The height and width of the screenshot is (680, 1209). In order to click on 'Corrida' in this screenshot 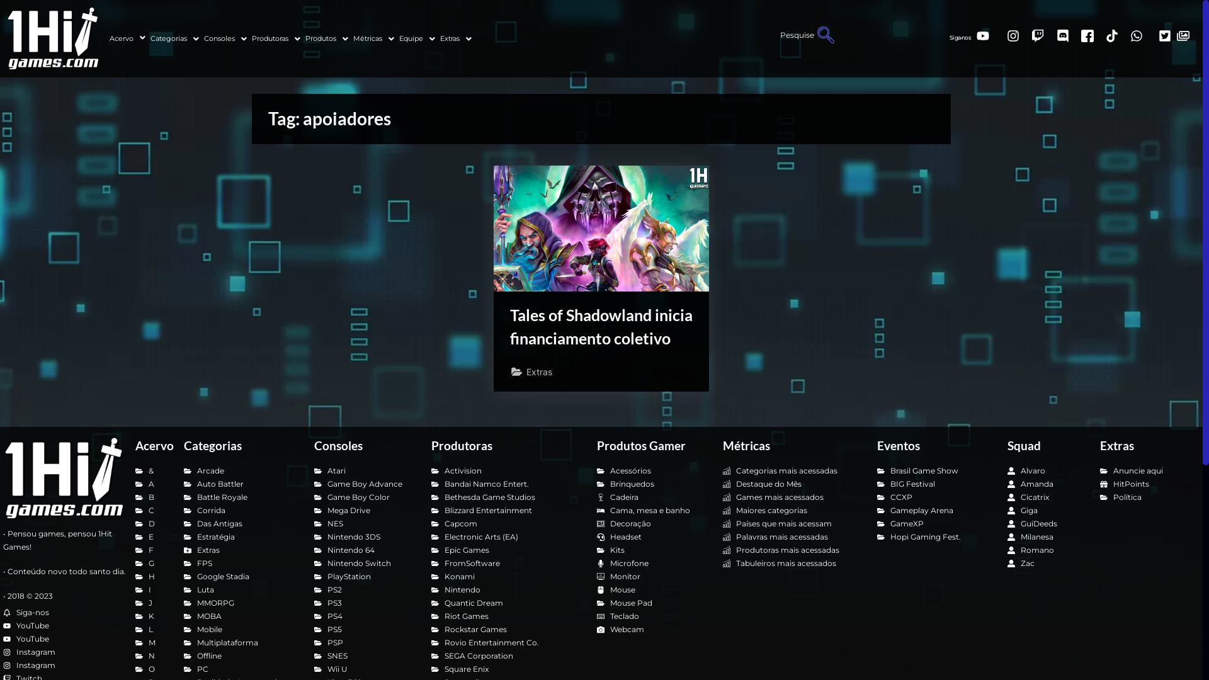, I will do `click(242, 510)`.